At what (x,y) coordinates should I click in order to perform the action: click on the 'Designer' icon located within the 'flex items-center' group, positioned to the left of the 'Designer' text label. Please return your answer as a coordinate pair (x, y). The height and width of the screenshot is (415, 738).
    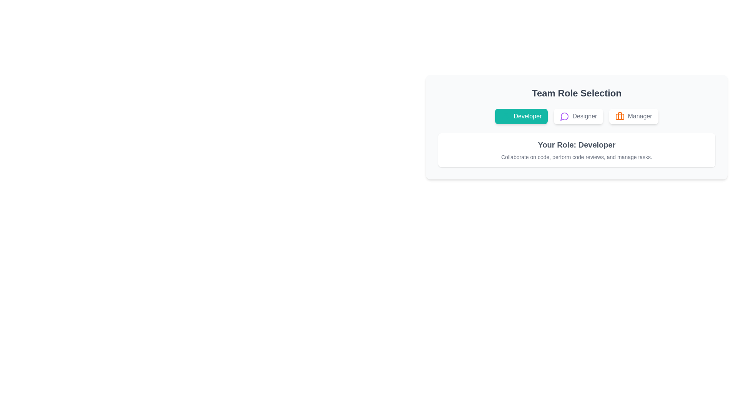
    Looking at the image, I should click on (565, 116).